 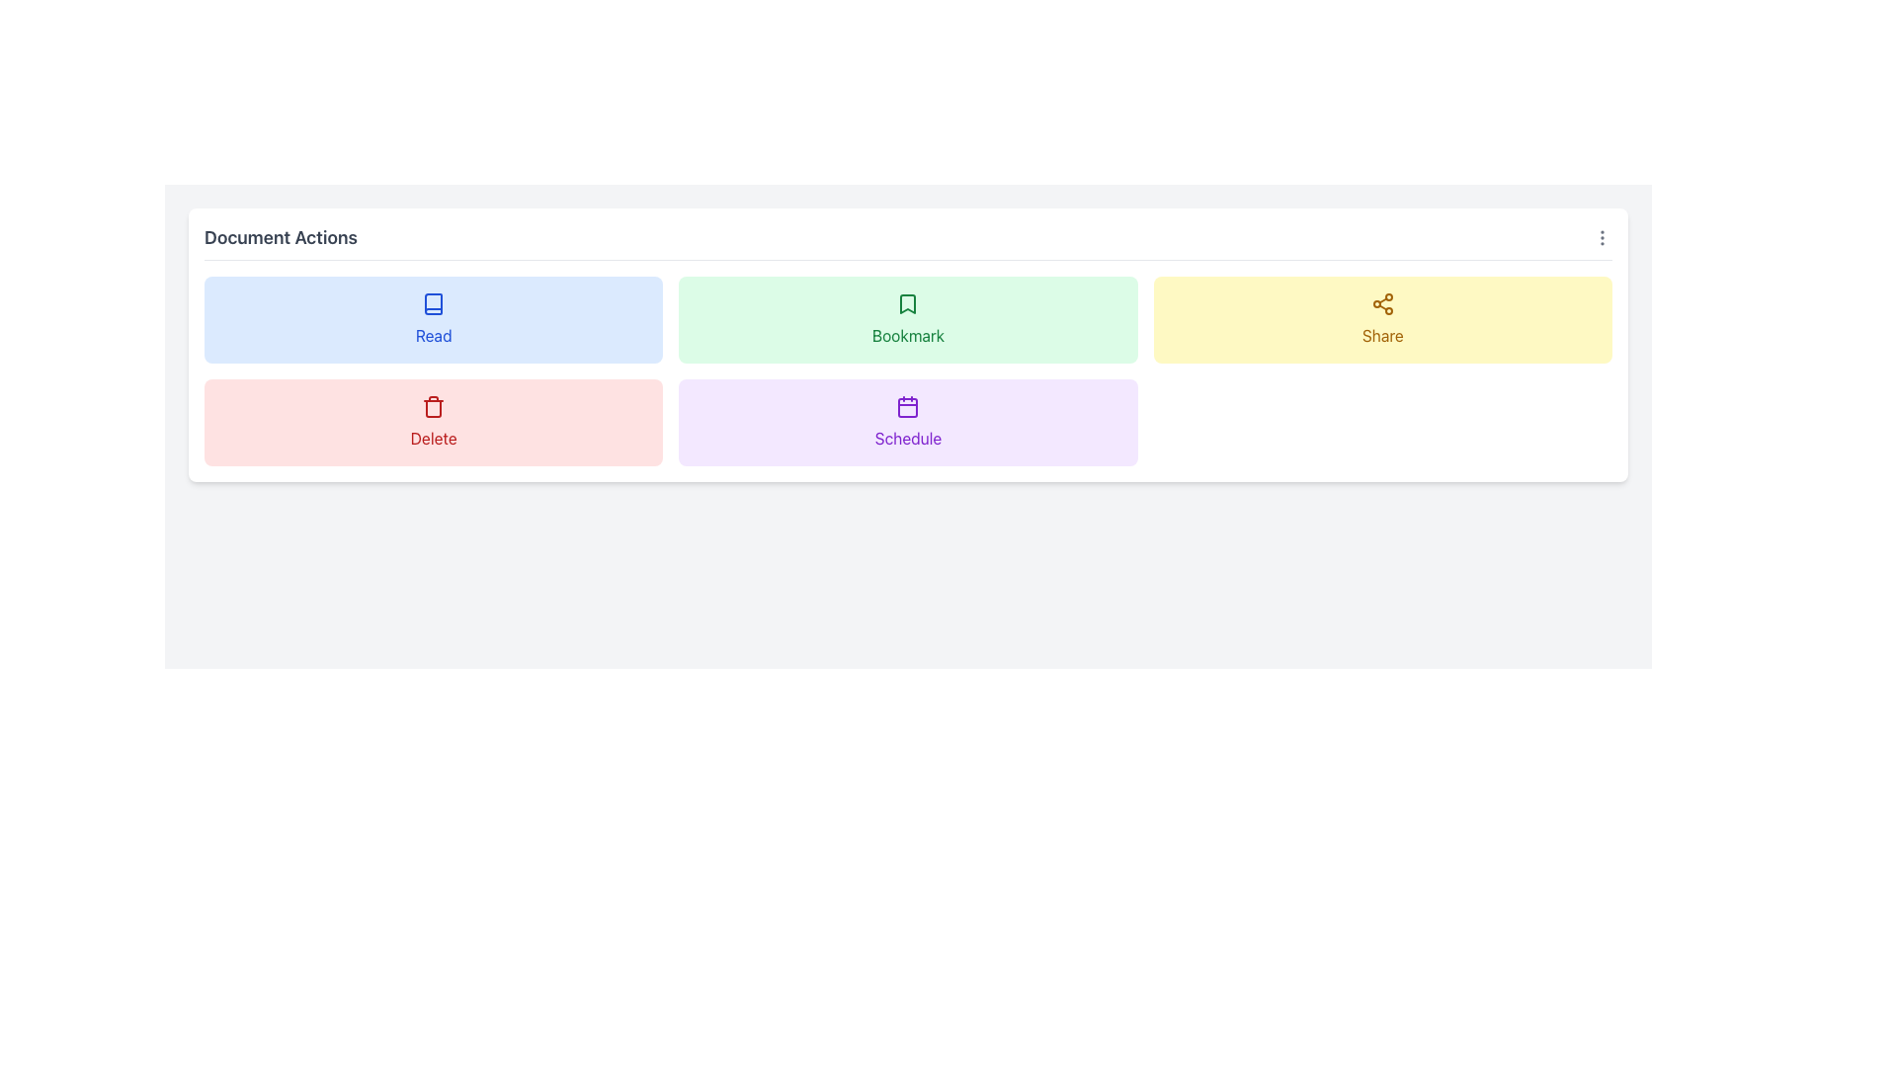 I want to click on the SVG rectangle representing a specific day or date in the calendar icon located in the 'Schedule' section of the interface, so click(x=907, y=406).